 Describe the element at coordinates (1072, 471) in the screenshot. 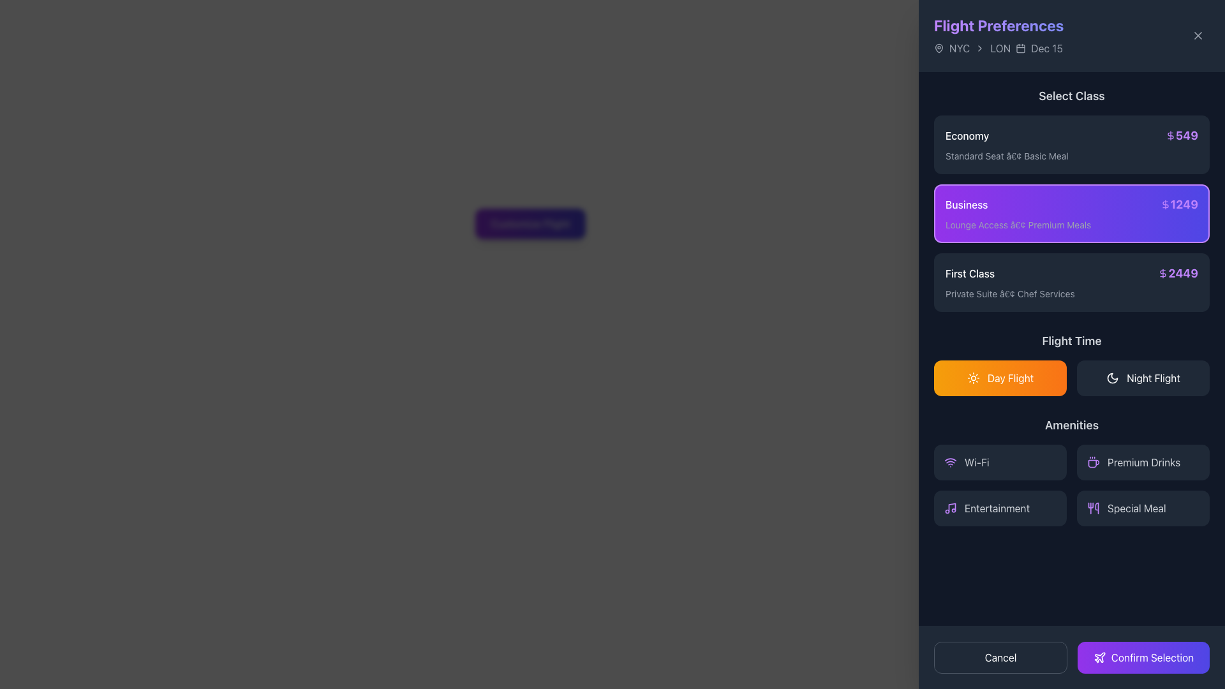

I see `available amenities in the section titled 'Amenities' located in the bottom portion of the right panel under the 'Flight Time' options` at that location.